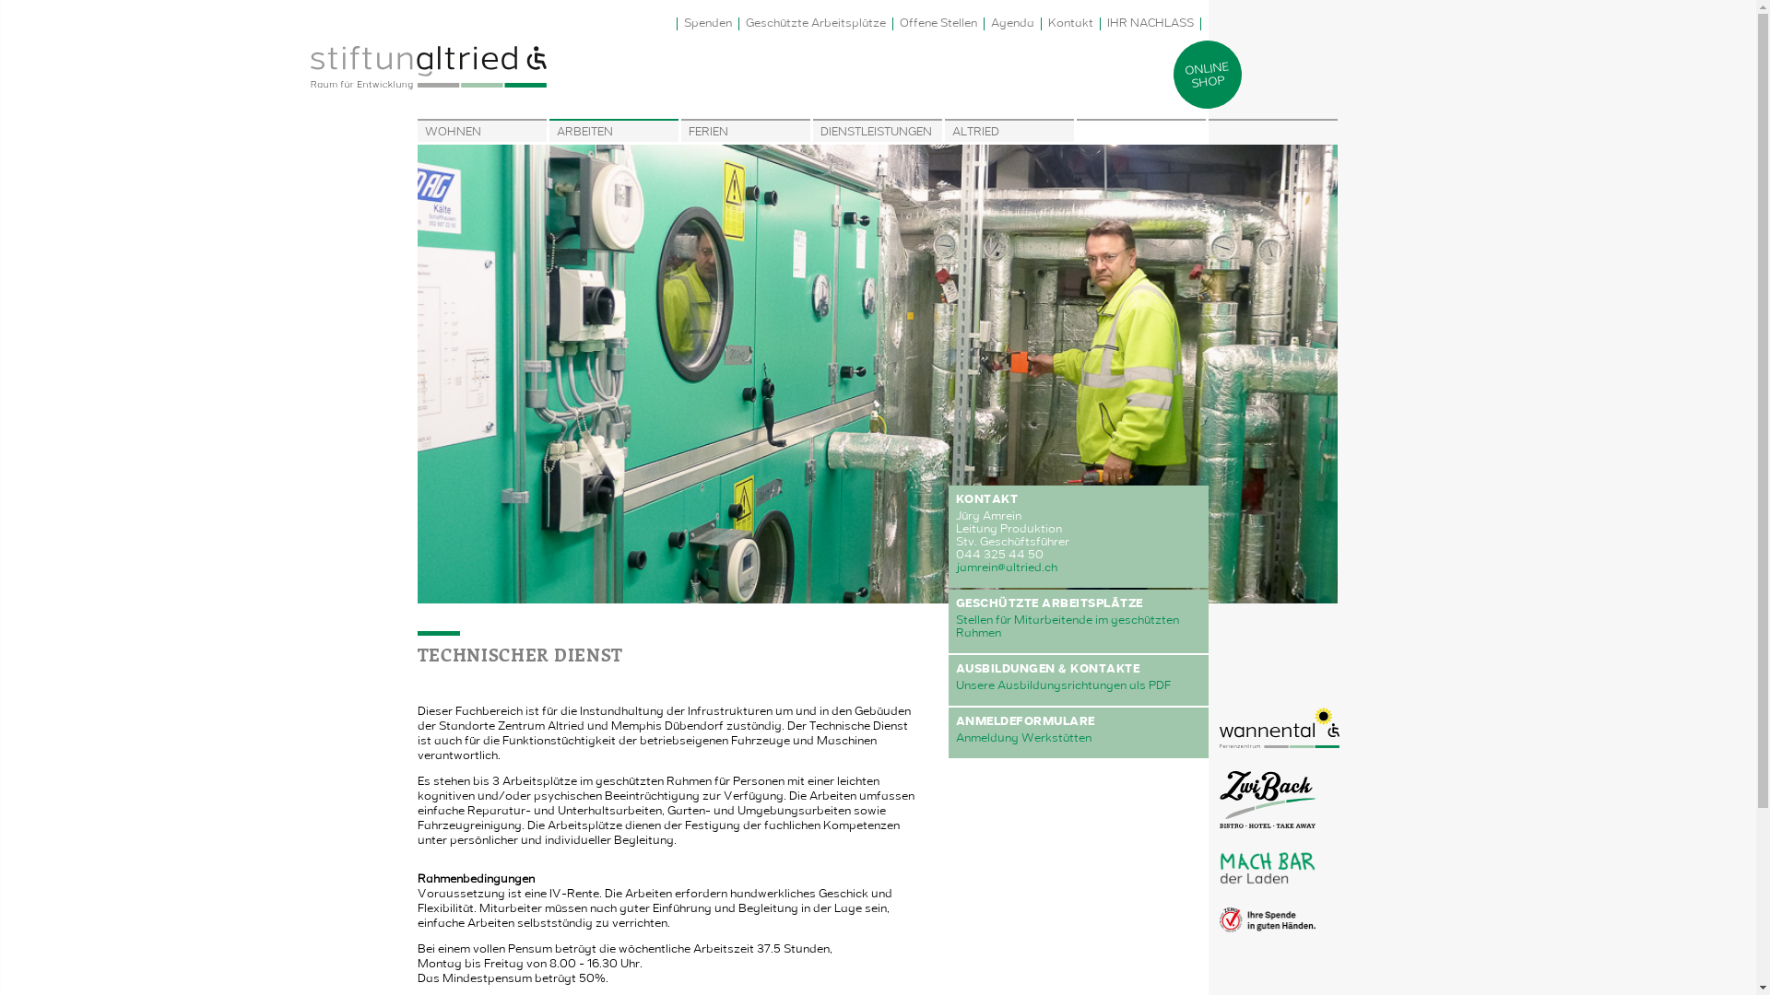 This screenshot has height=995, width=1770. I want to click on 'WOHNEN', so click(481, 132).